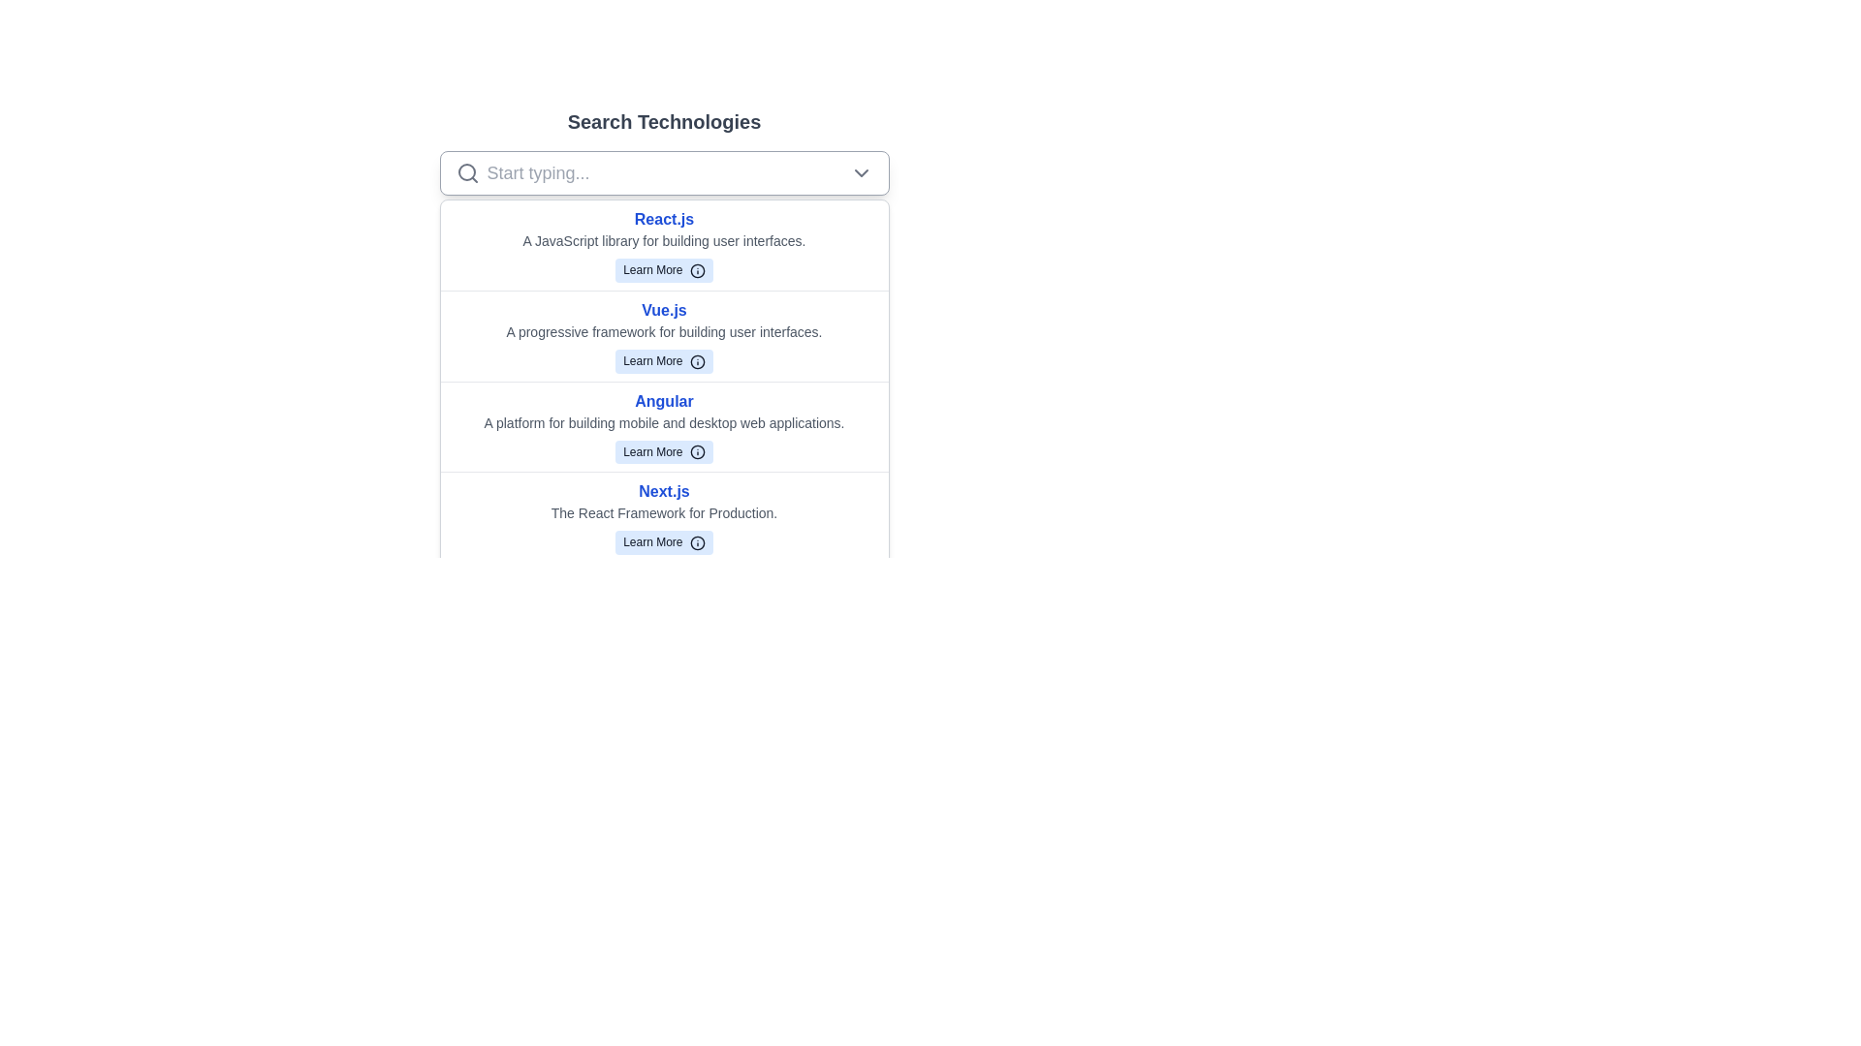  What do you see at coordinates (697, 270) in the screenshot?
I see `the outer circle of the icon located to the right of the 'Learn More' text for Vue.js, which is part of the 'Search Technologies' section` at bounding box center [697, 270].